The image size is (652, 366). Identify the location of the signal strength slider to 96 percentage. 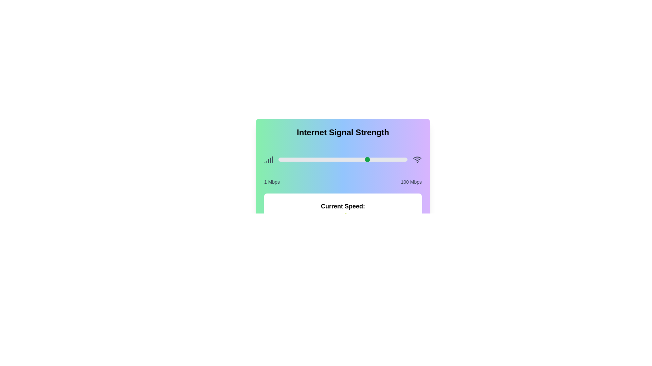
(402, 159).